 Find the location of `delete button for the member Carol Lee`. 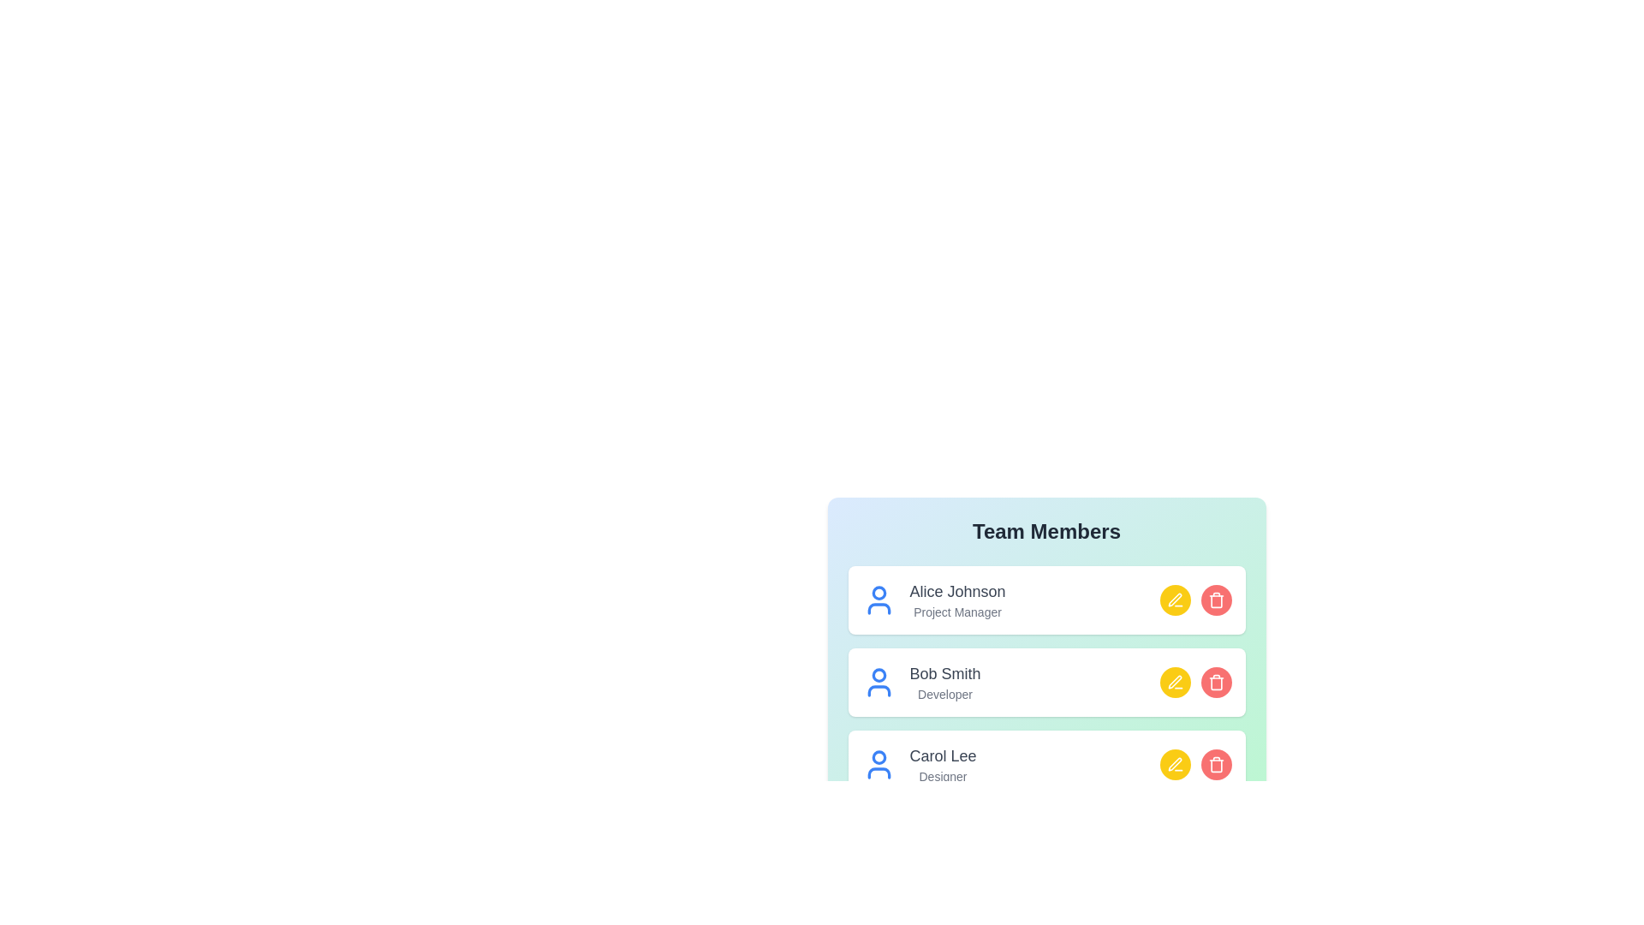

delete button for the member Carol Lee is located at coordinates (1215, 764).